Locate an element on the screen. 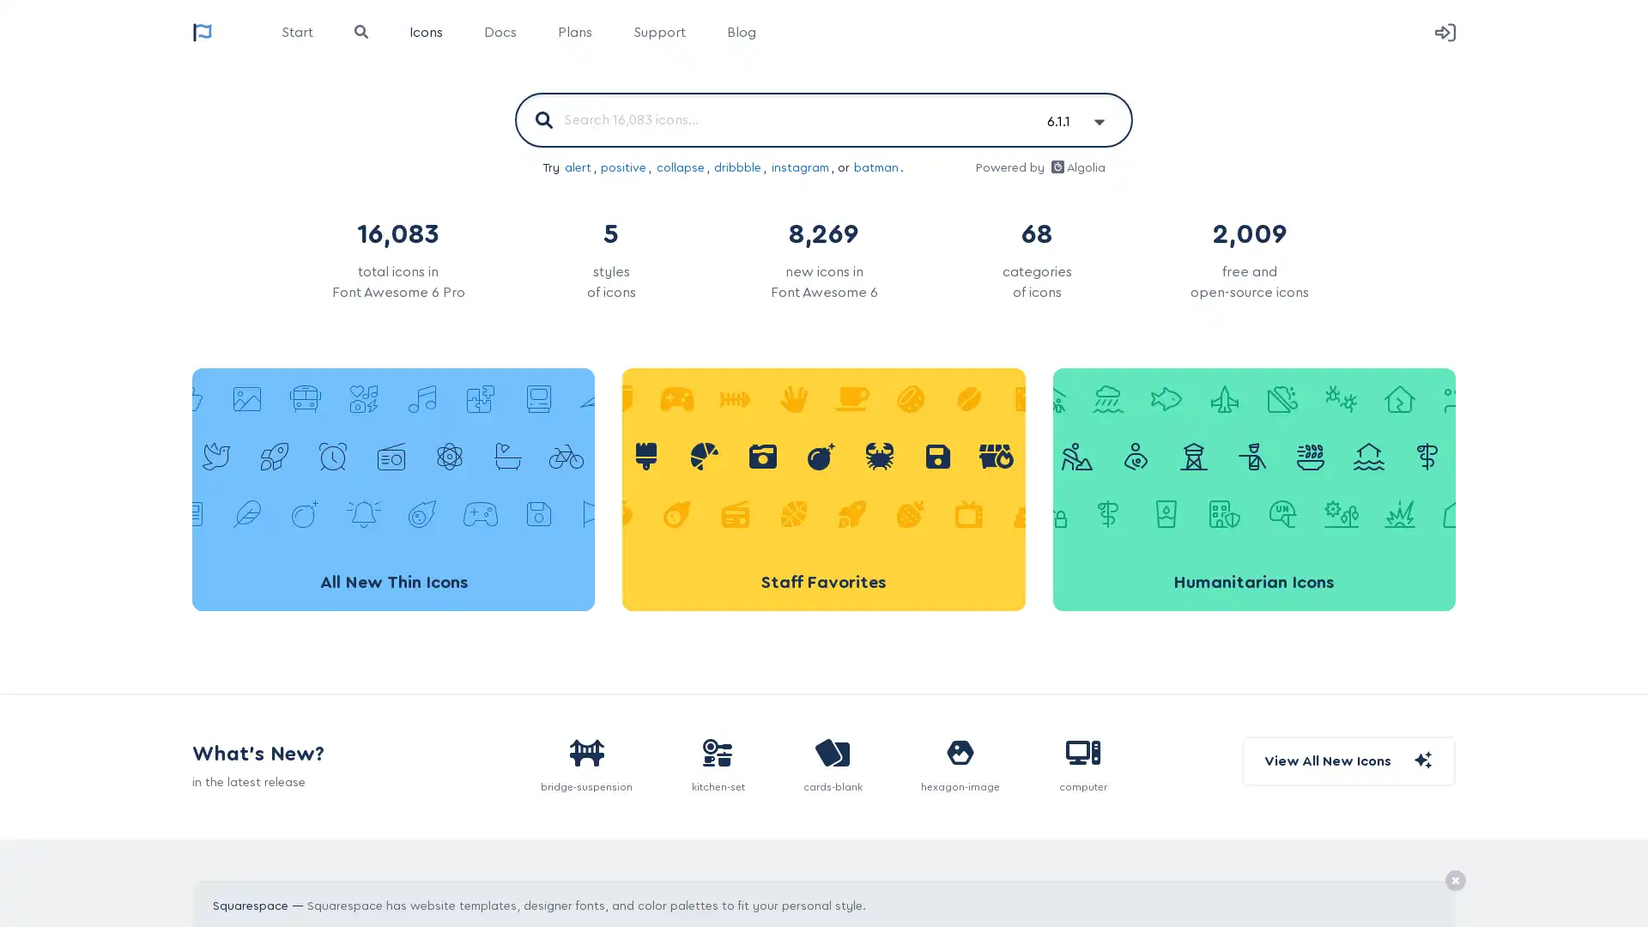 The height and width of the screenshot is (927, 1648). instagram is located at coordinates (798, 168).